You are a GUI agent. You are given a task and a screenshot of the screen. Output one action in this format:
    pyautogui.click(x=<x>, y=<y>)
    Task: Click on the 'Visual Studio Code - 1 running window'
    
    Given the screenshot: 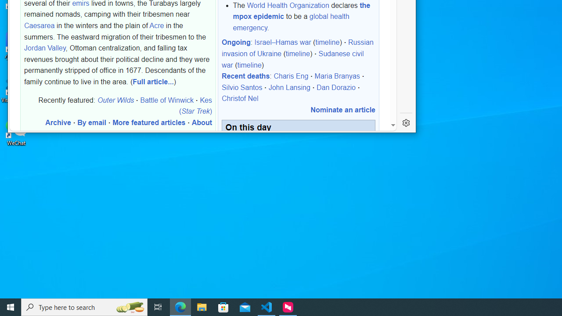 What is the action you would take?
    pyautogui.click(x=266, y=306)
    